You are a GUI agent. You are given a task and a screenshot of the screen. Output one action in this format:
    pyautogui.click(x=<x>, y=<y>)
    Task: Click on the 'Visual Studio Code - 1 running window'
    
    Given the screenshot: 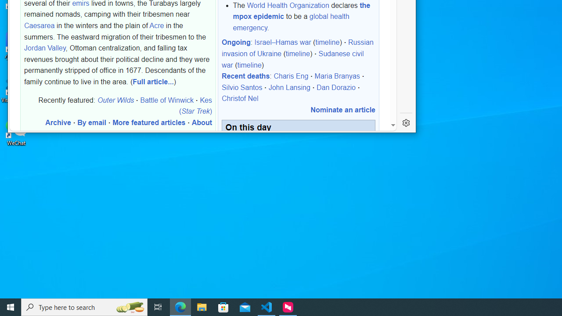 What is the action you would take?
    pyautogui.click(x=266, y=306)
    